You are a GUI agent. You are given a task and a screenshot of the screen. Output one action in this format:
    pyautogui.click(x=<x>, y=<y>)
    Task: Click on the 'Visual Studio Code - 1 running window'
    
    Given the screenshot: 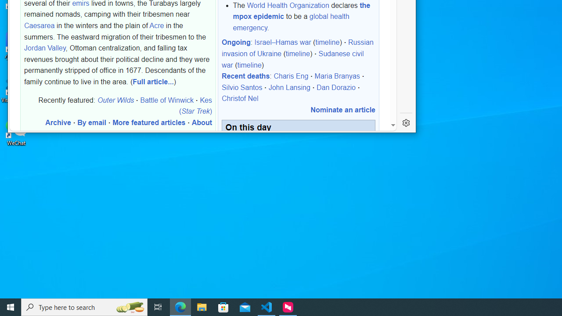 What is the action you would take?
    pyautogui.click(x=266, y=306)
    